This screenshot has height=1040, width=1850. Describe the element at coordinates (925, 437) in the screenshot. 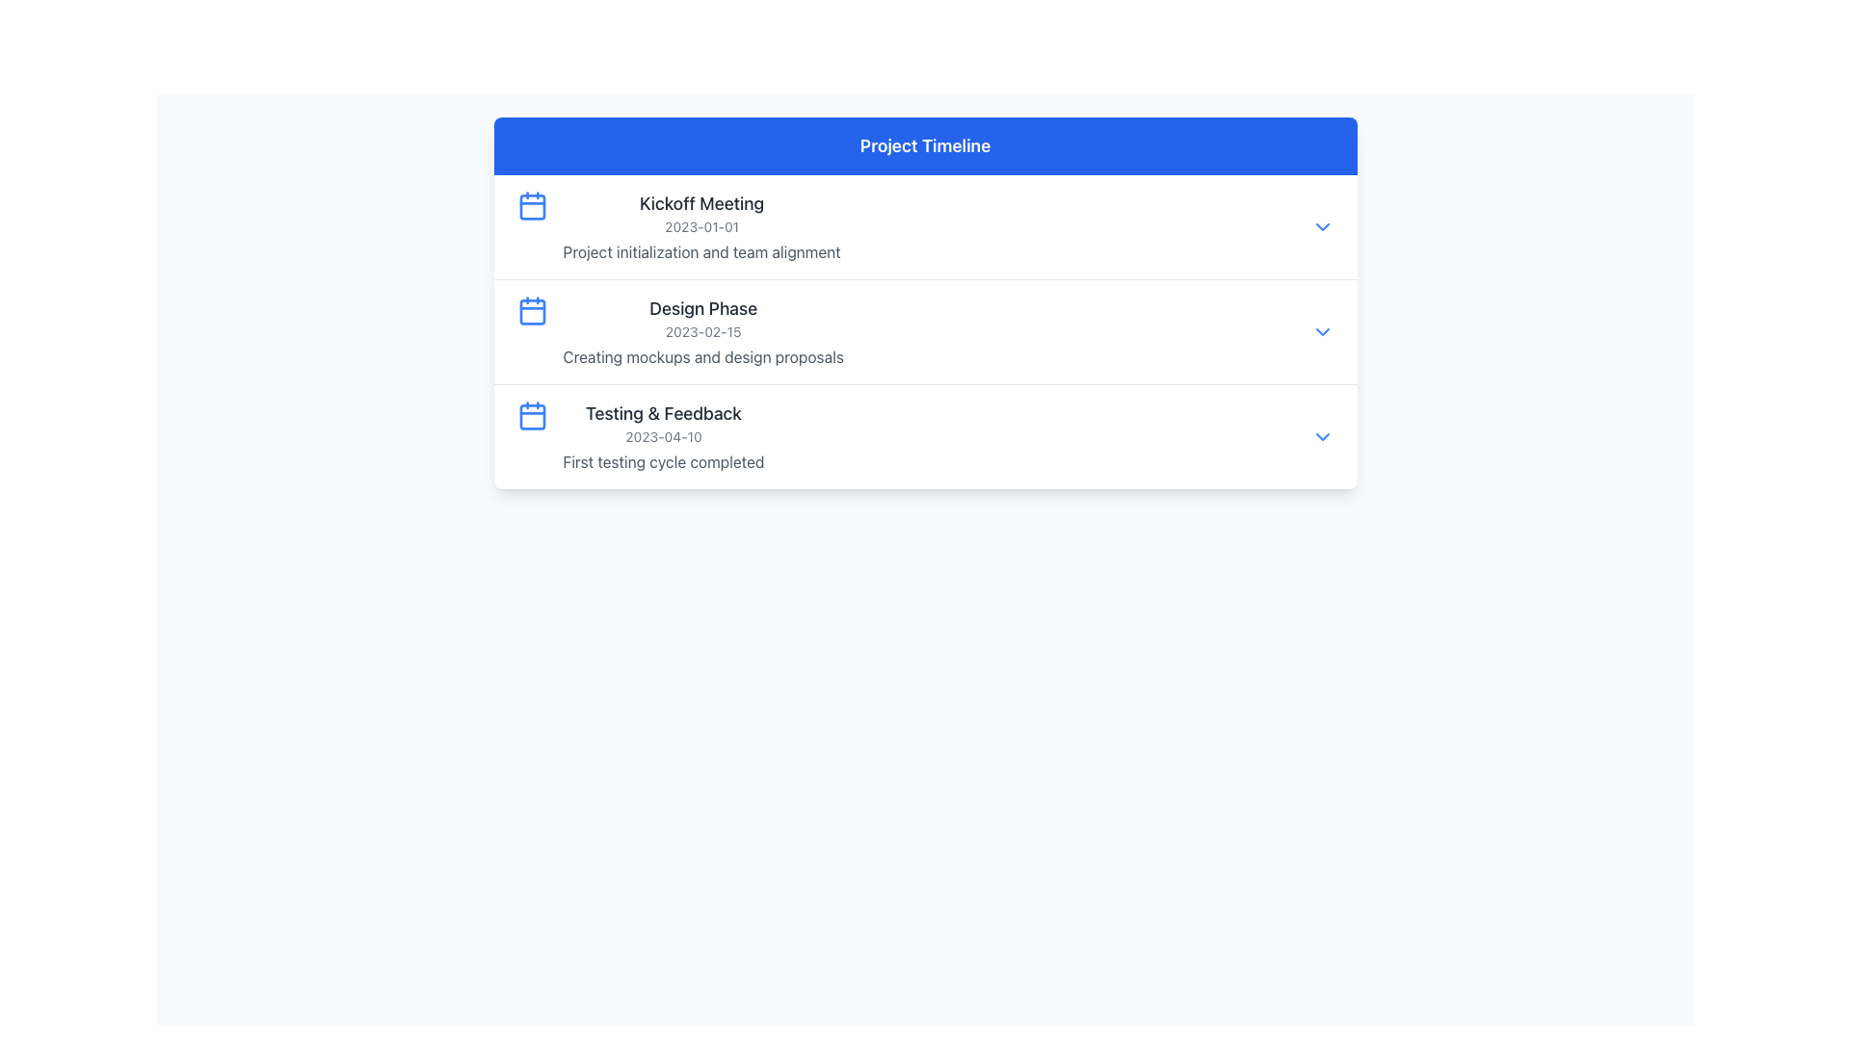

I see `the List Item or Timeline Event entry containing the title 'Testing & Feedback', date '2023-04-10', and description 'First testing cycle completed' in the 'Project Timeline' interface` at that location.